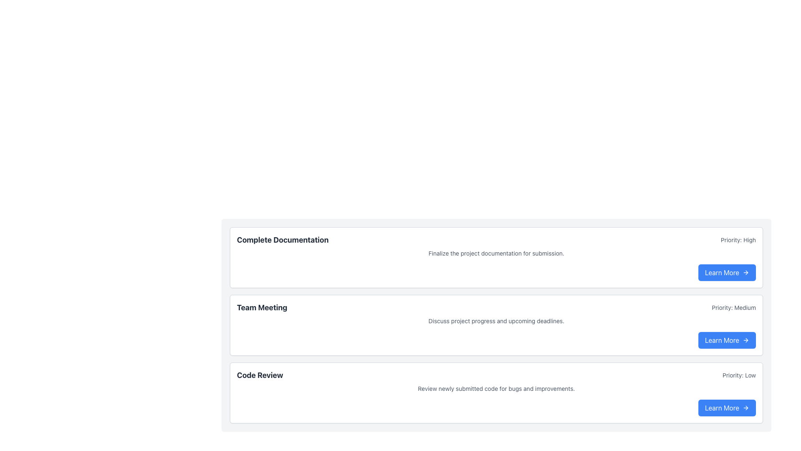  What do you see at coordinates (746, 407) in the screenshot?
I see `the forward action icon located to the right of the 'Learn More' button text to invoke the button's action` at bounding box center [746, 407].